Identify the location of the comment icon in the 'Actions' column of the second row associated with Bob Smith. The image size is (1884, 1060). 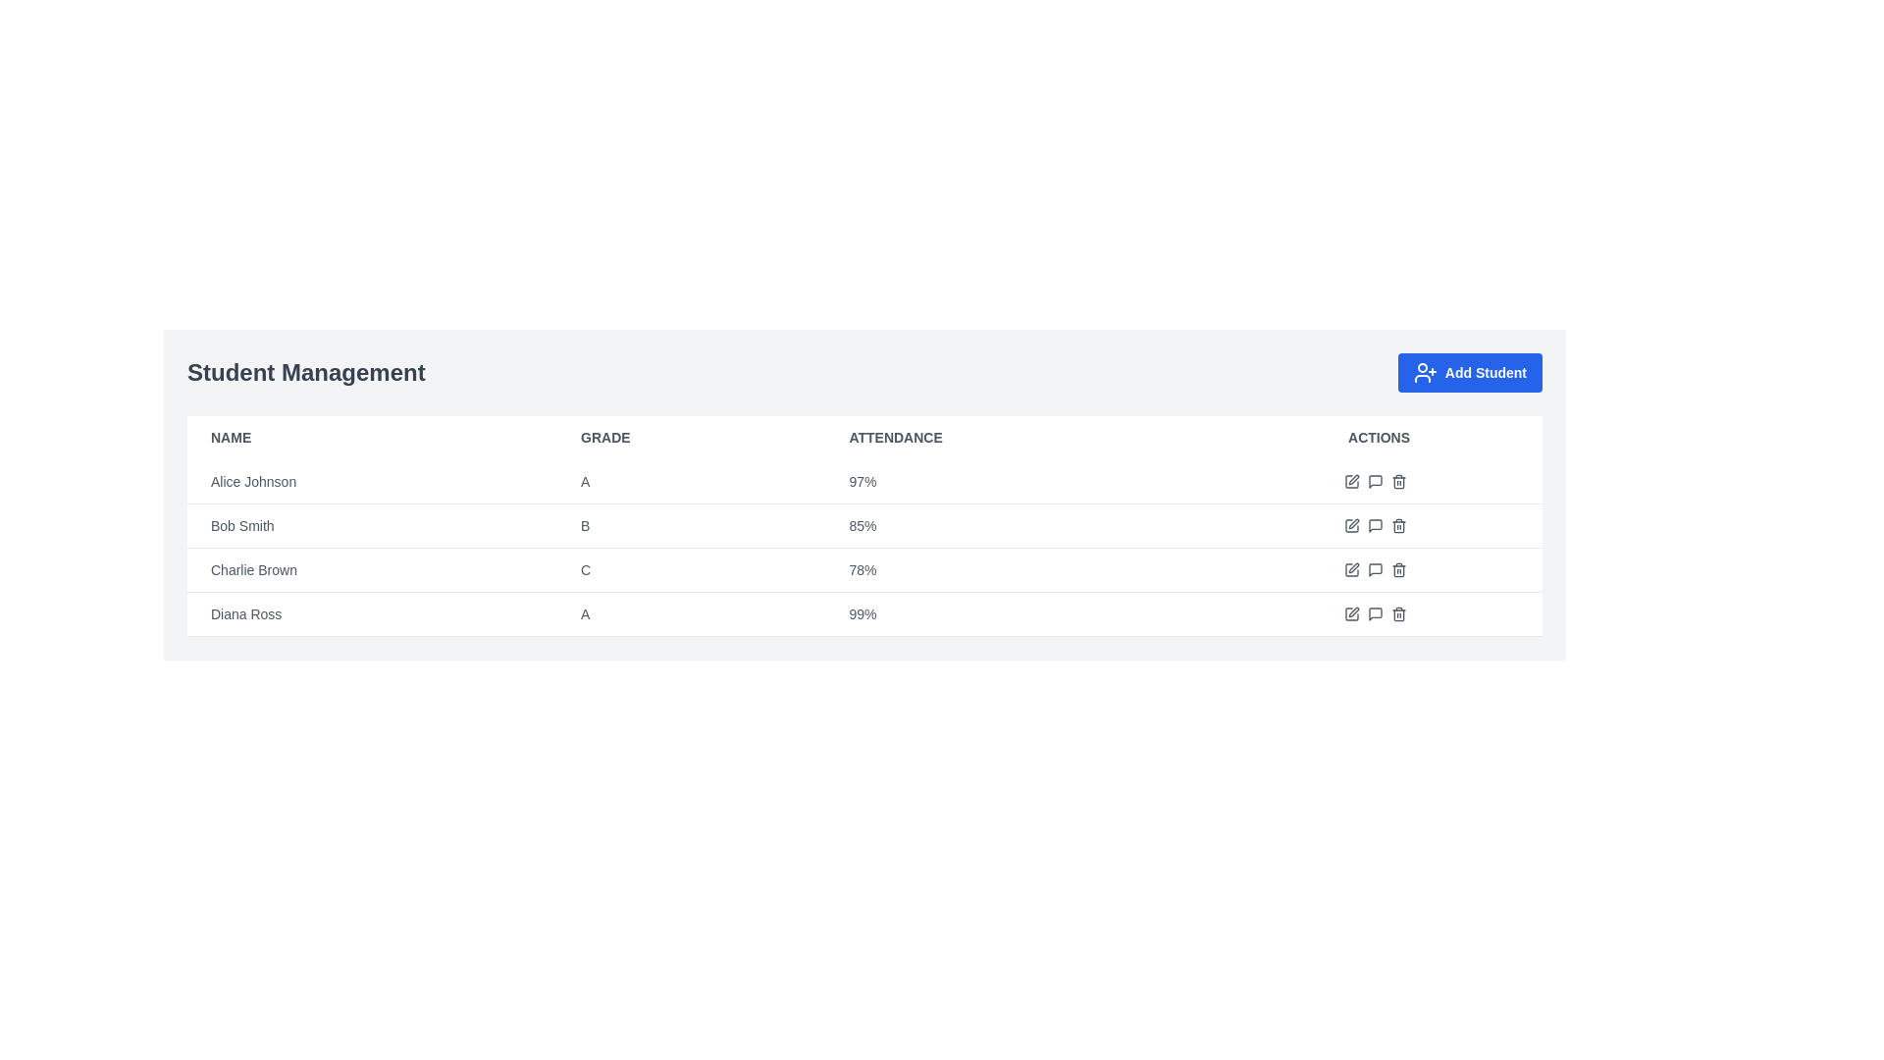
(1374, 525).